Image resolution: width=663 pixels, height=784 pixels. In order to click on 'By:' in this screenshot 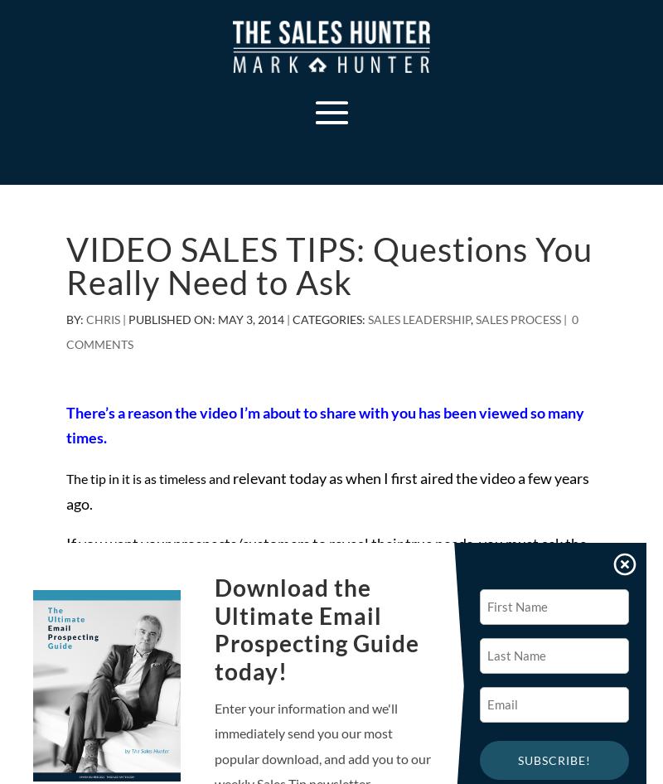, I will do `click(76, 318)`.